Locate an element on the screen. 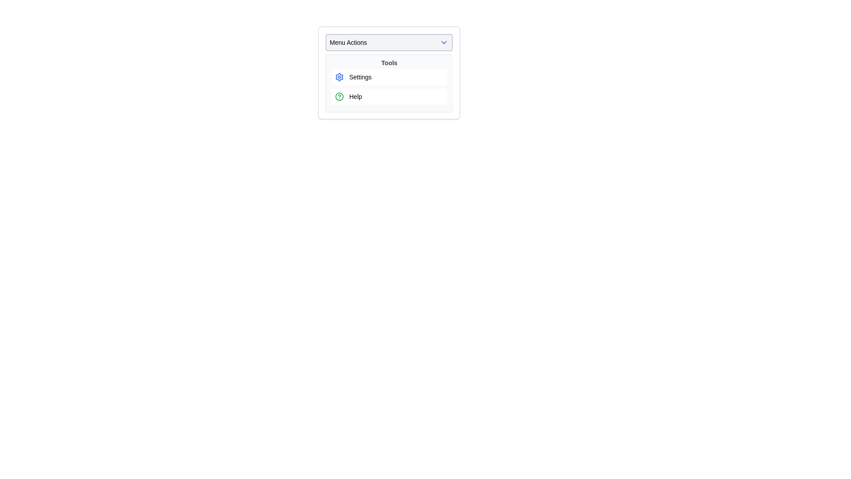  the blue gear-shaped icon representing settings is located at coordinates (339, 76).